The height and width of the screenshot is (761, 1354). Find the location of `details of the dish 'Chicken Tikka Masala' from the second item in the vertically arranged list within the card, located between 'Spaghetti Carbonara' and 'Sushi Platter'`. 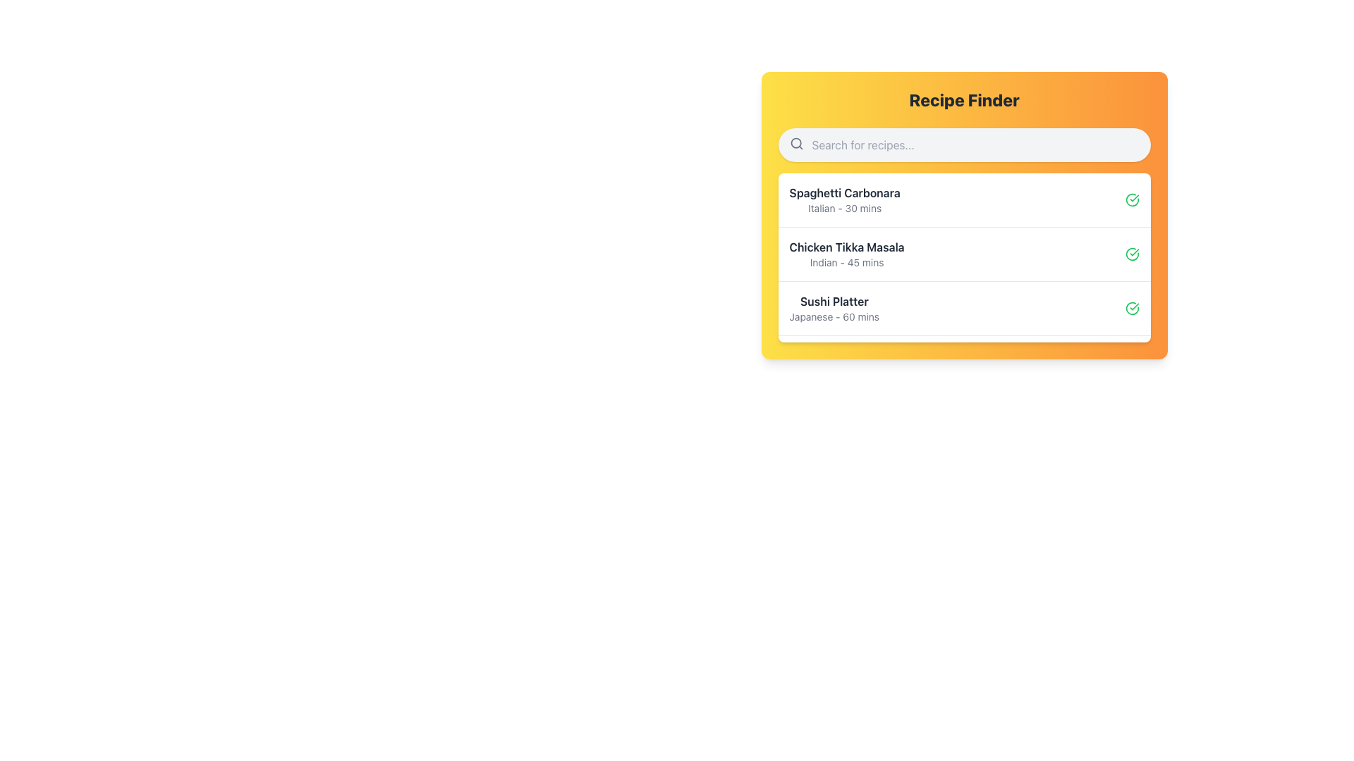

details of the dish 'Chicken Tikka Masala' from the second item in the vertically arranged list within the card, located between 'Spaghetti Carbonara' and 'Sushi Platter' is located at coordinates (963, 254).